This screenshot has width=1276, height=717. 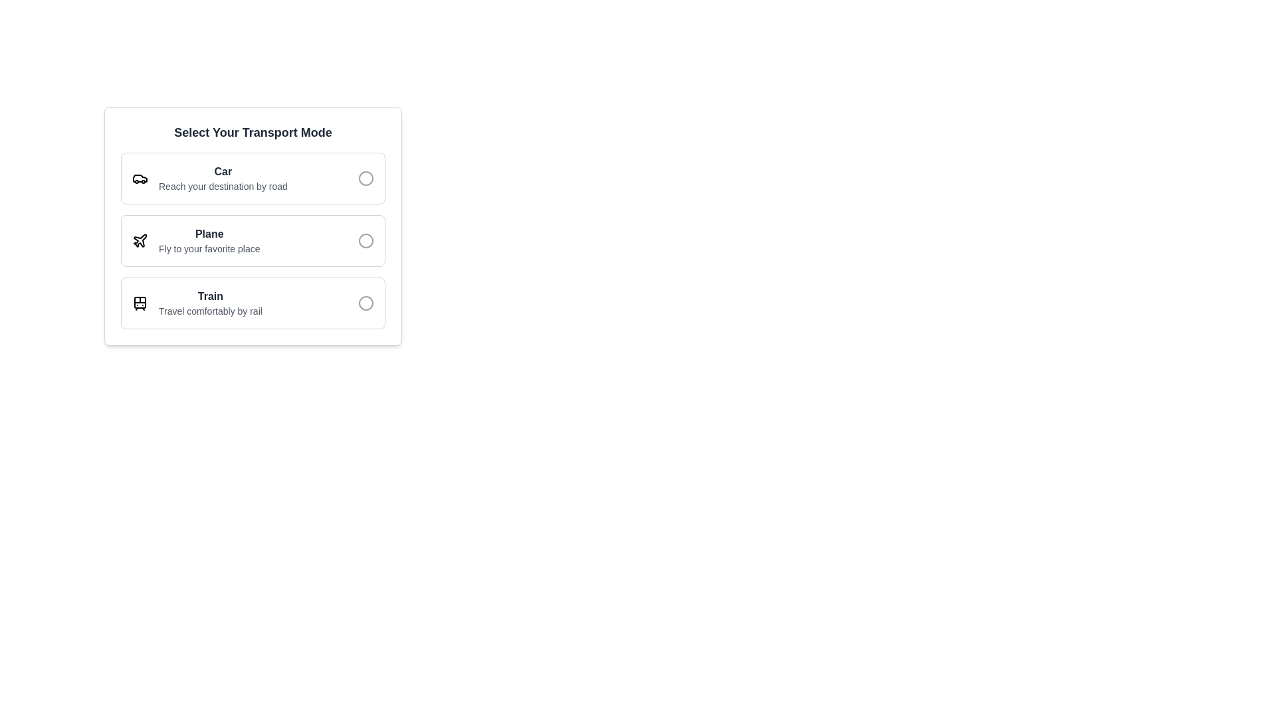 What do you see at coordinates (140, 240) in the screenshot?
I see `the airplane icon representing the 'Plane' transport option, which is located to the left of the 'Plane' label text in the vertical list of transport modes` at bounding box center [140, 240].